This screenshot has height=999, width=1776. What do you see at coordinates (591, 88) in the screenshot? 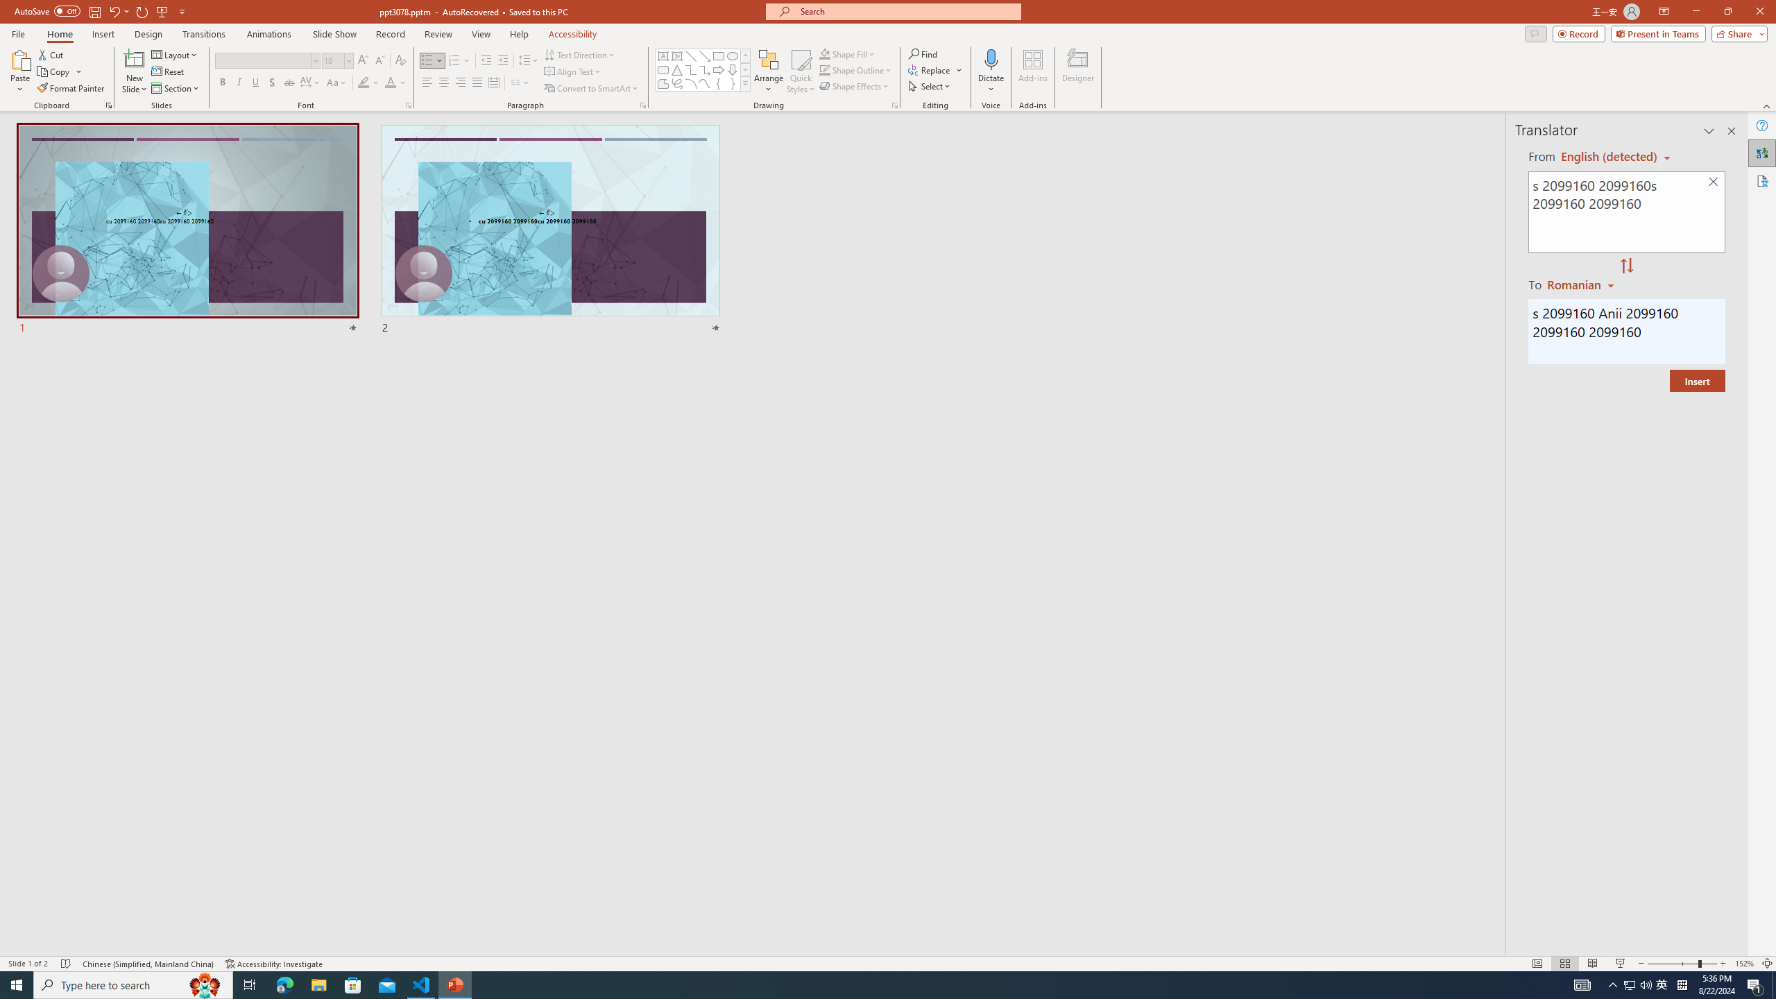
I see `'Convert to SmartArt'` at bounding box center [591, 88].